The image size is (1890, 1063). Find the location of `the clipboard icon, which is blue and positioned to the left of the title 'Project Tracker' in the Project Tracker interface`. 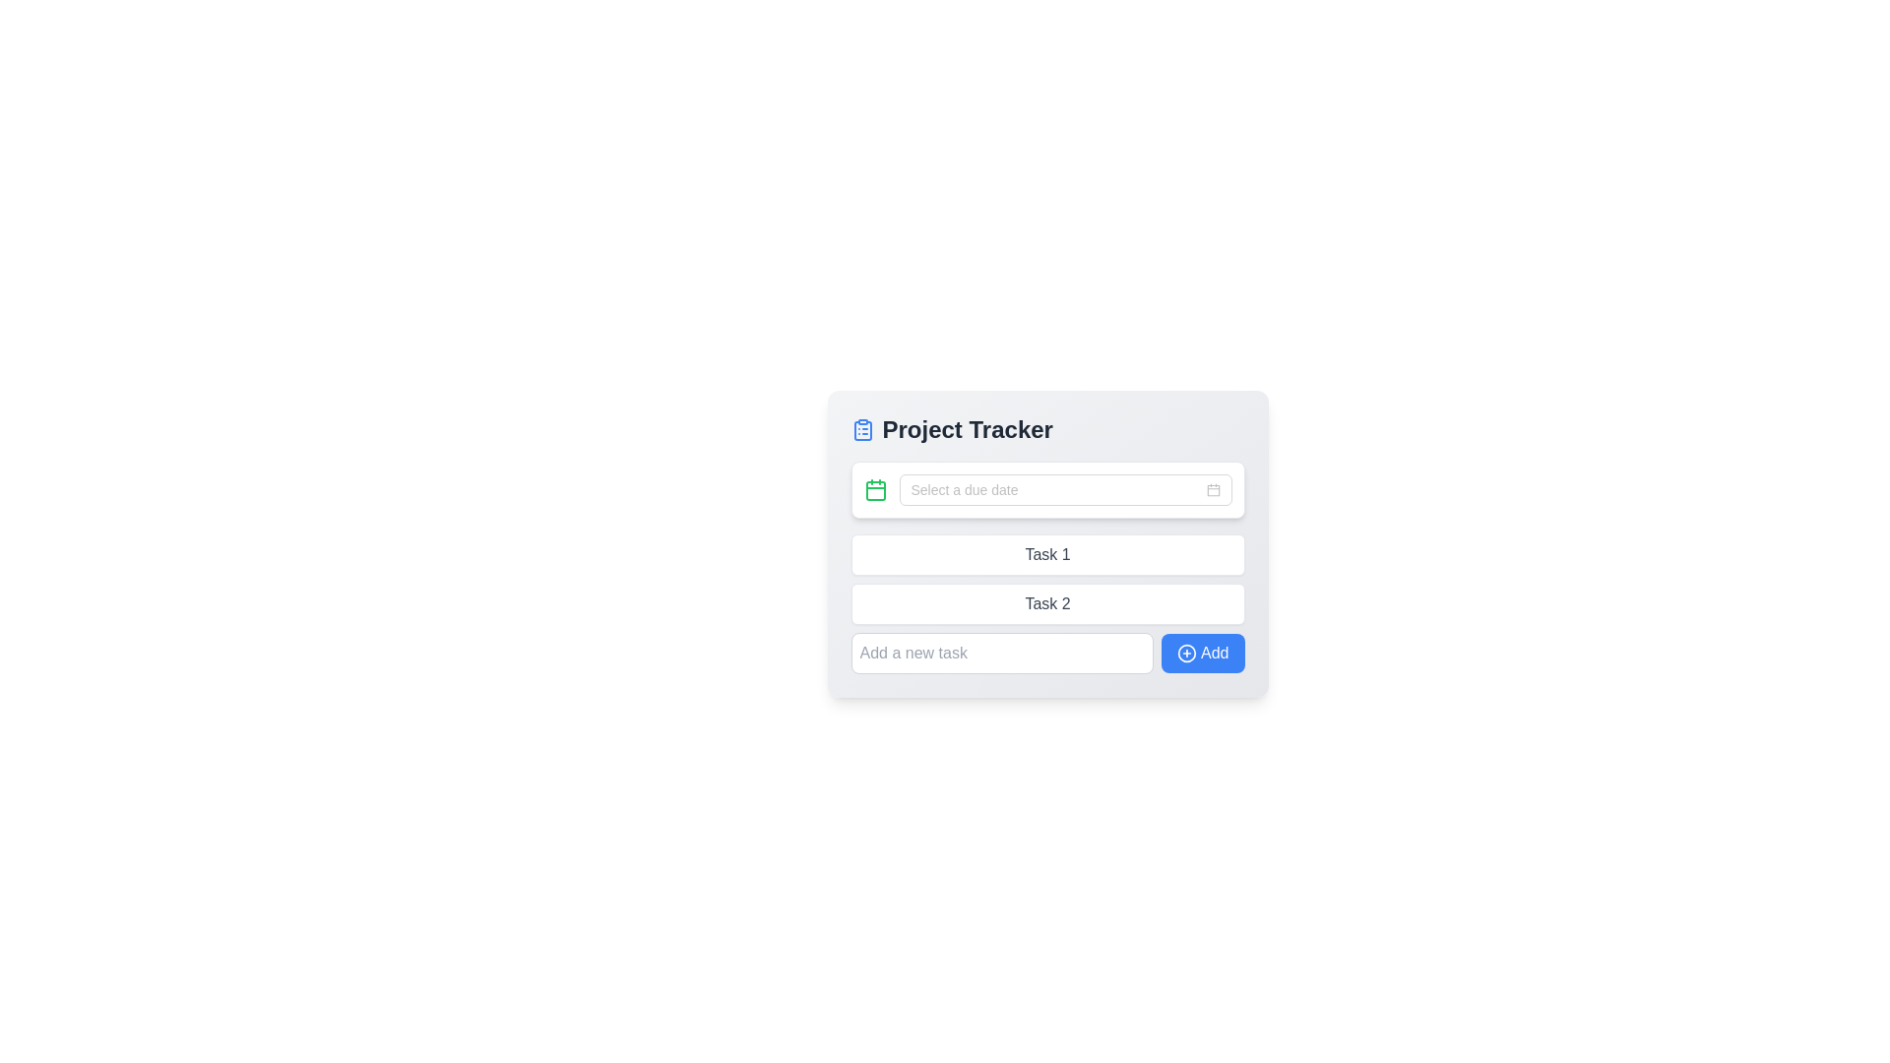

the clipboard icon, which is blue and positioned to the left of the title 'Project Tracker' in the Project Tracker interface is located at coordinates (862, 428).